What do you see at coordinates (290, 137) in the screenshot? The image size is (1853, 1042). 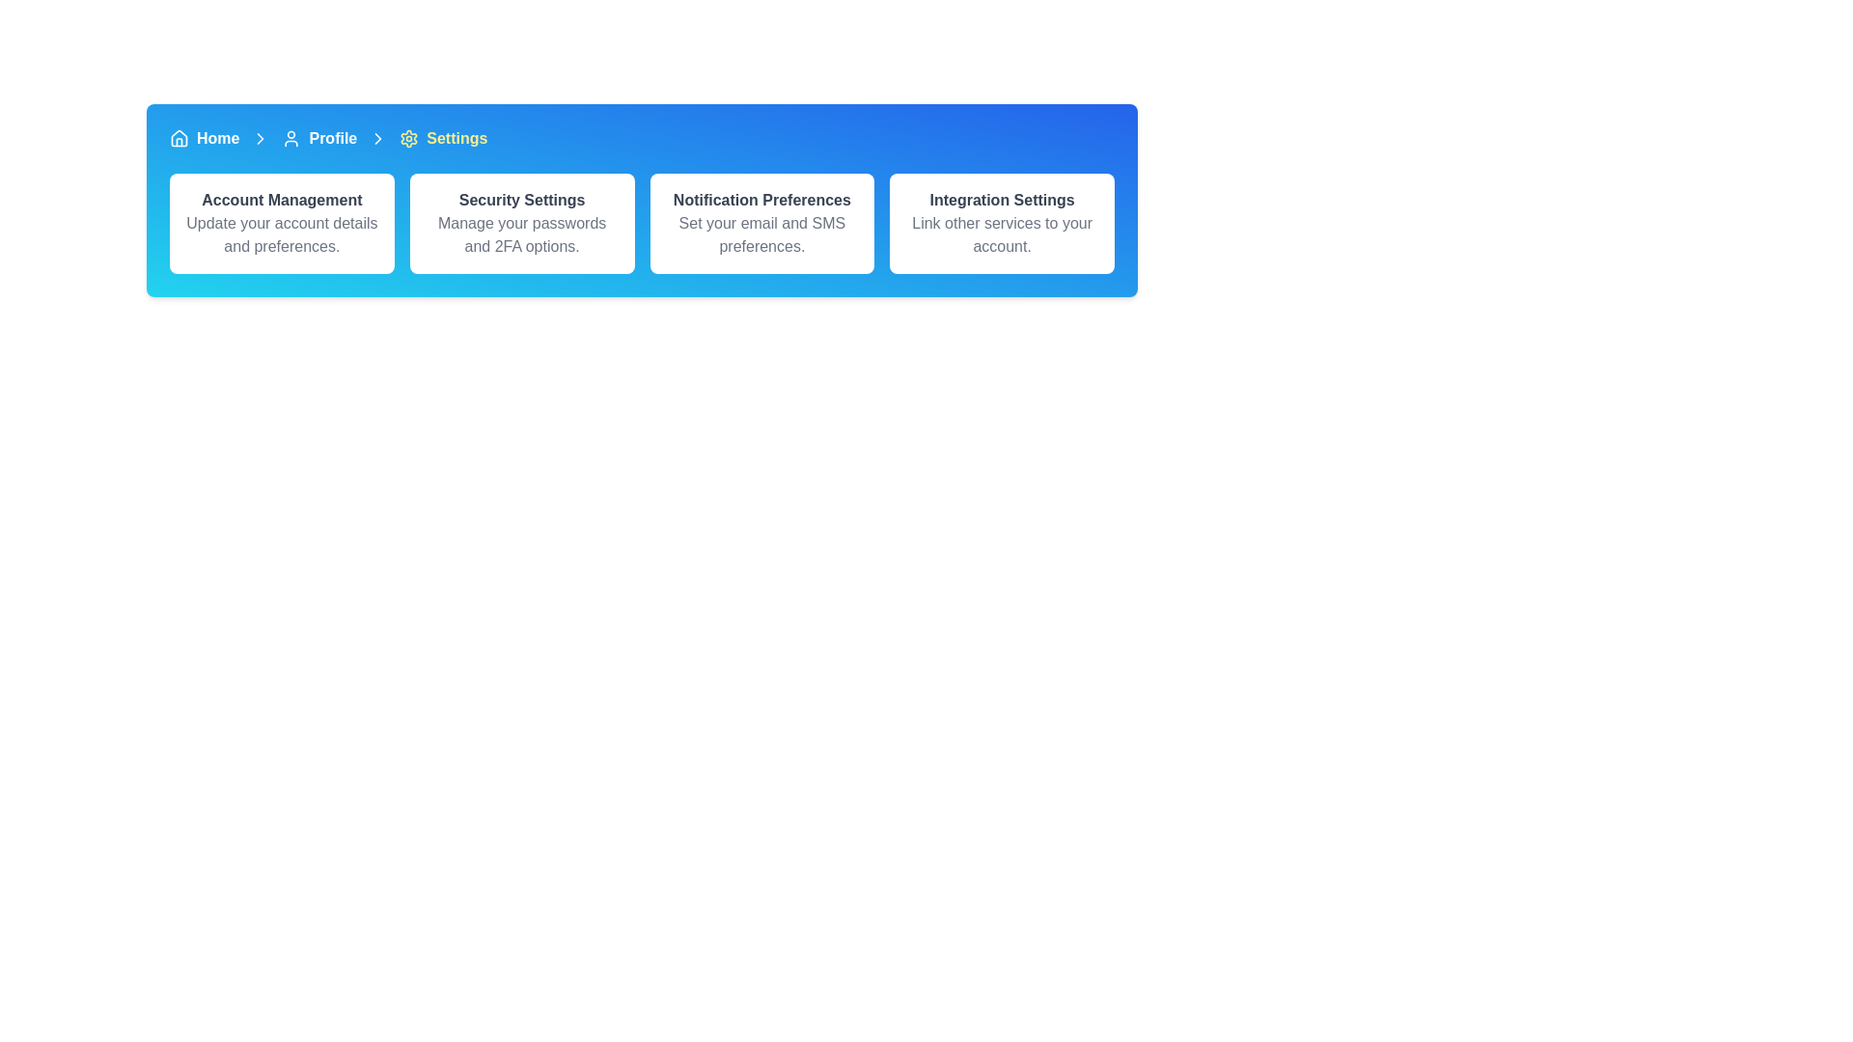 I see `the user profile icon located in the navigation bar, positioned immediately to the left of the 'Profile' text label` at bounding box center [290, 137].